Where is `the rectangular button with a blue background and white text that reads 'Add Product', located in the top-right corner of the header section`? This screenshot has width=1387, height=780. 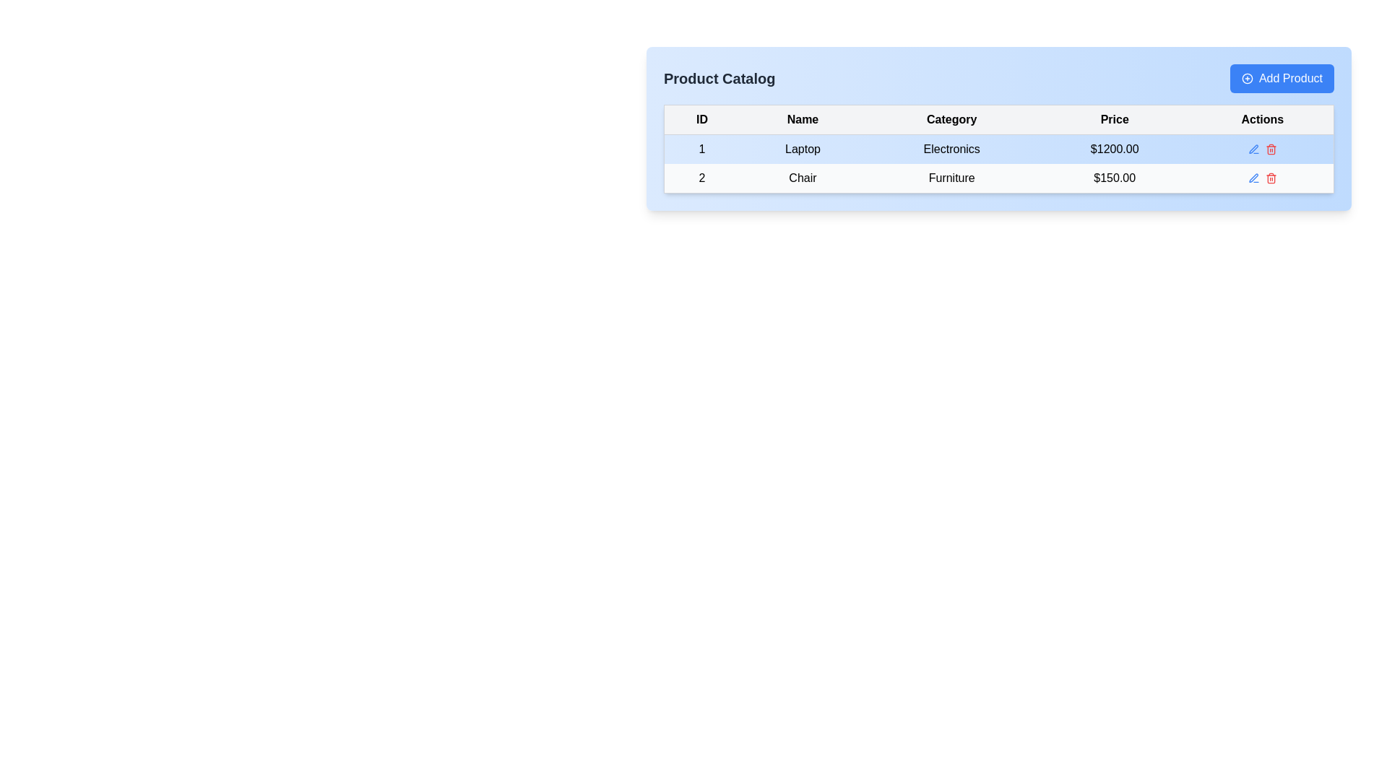 the rectangular button with a blue background and white text that reads 'Add Product', located in the top-right corner of the header section is located at coordinates (1282, 78).